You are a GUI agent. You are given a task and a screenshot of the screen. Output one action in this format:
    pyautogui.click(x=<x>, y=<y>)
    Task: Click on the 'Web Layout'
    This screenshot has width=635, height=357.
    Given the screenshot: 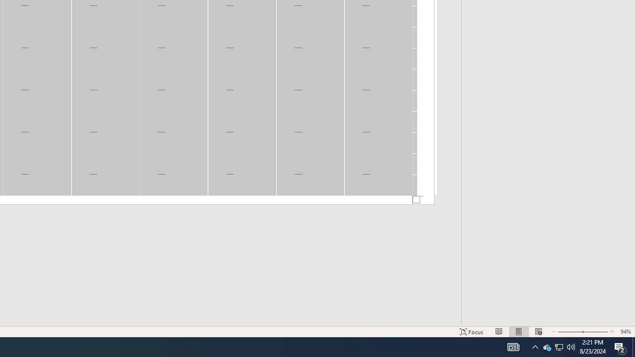 What is the action you would take?
    pyautogui.click(x=538, y=332)
    